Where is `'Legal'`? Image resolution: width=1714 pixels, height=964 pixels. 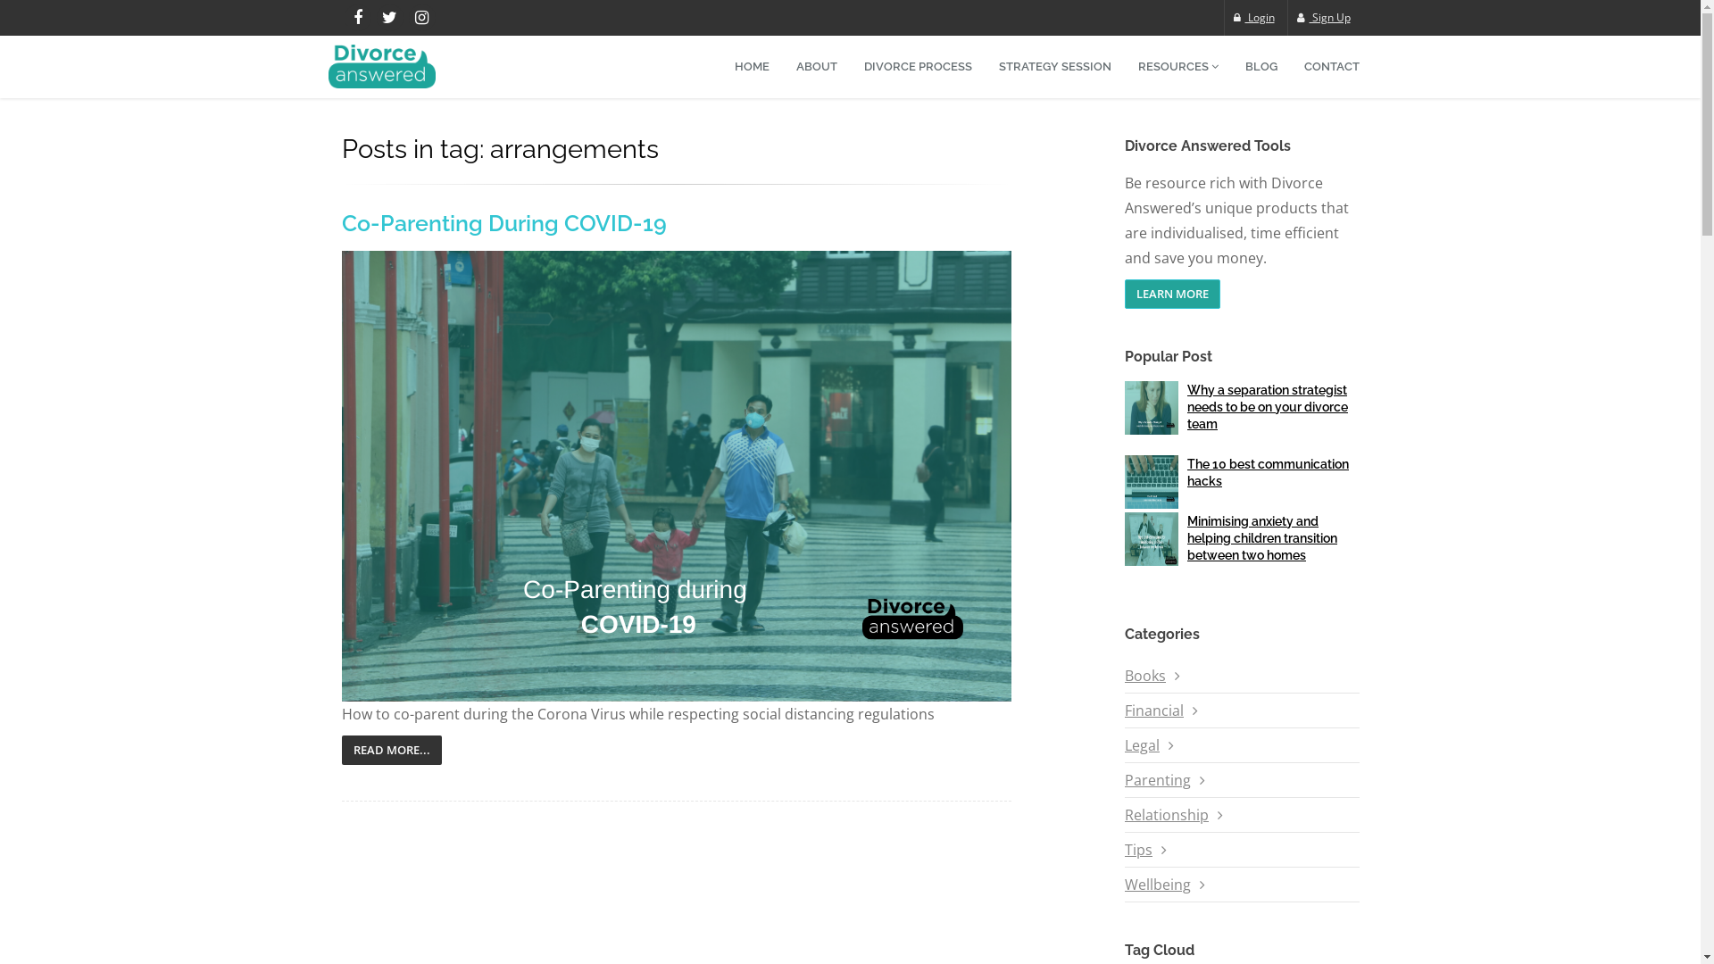
'Legal' is located at coordinates (1123, 744).